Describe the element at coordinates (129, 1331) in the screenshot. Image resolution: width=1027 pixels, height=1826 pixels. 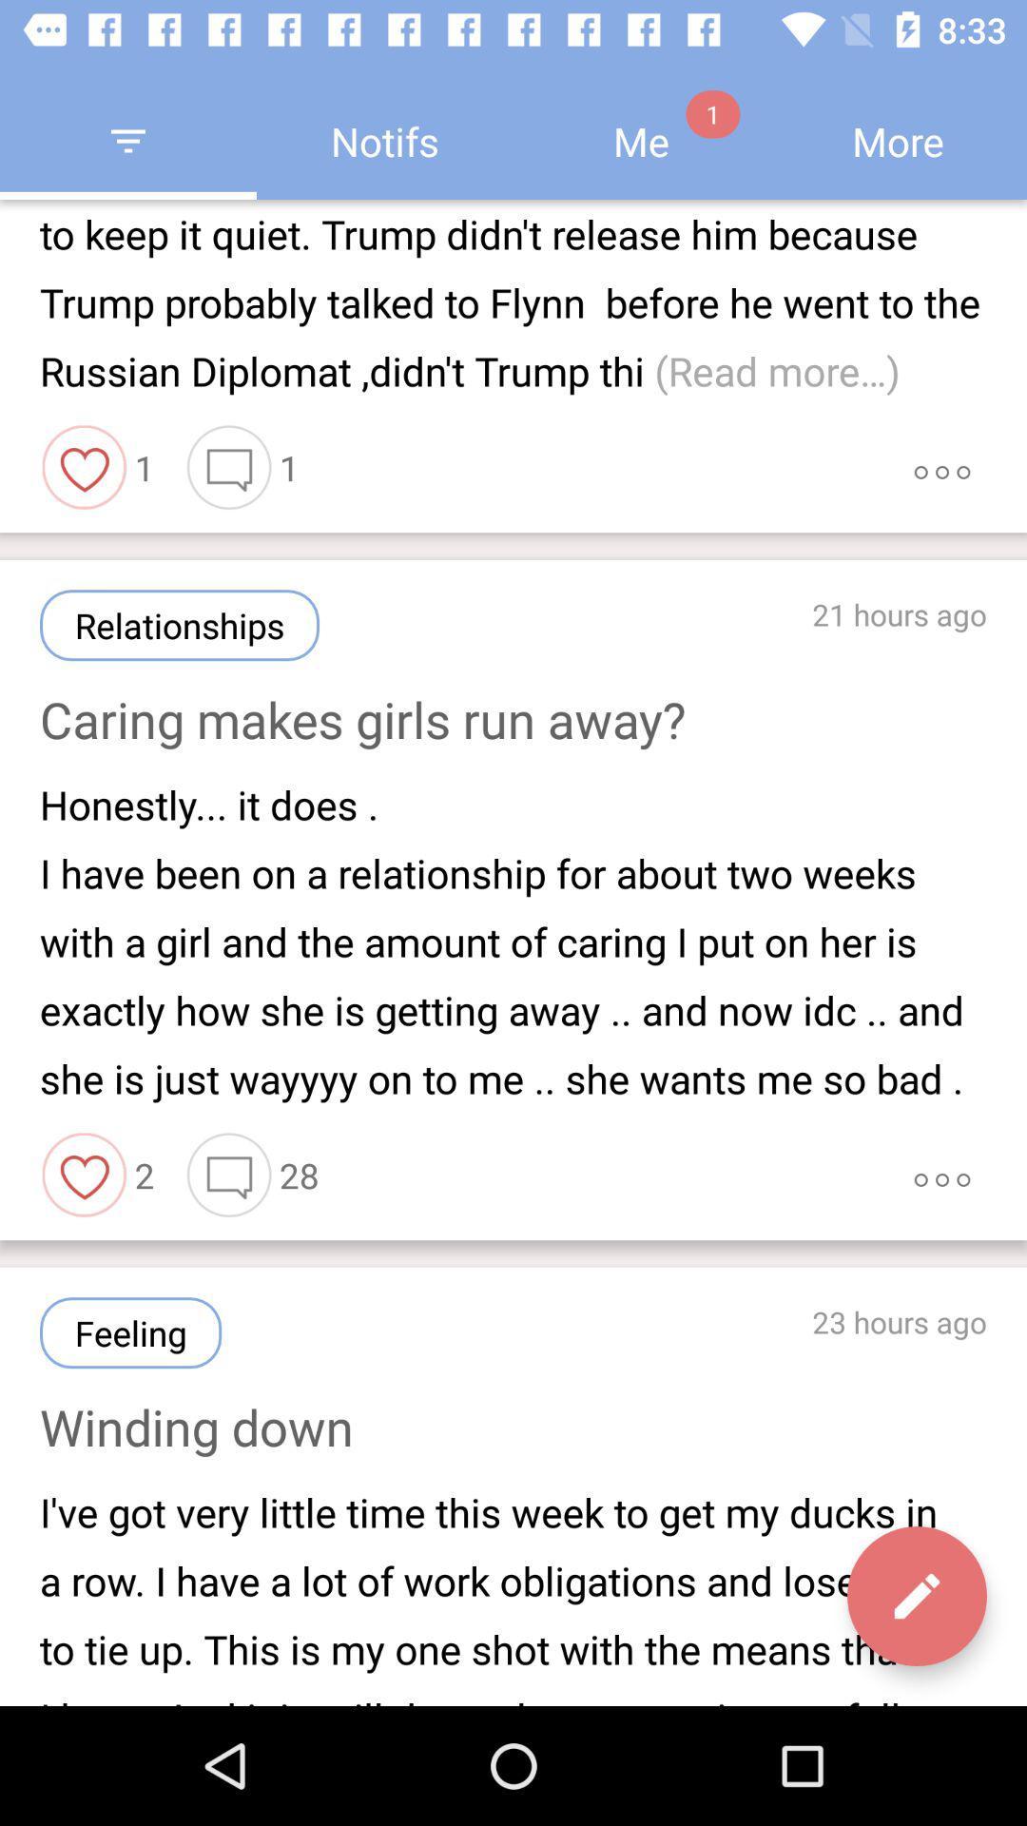
I see `item at the bottom left corner` at that location.